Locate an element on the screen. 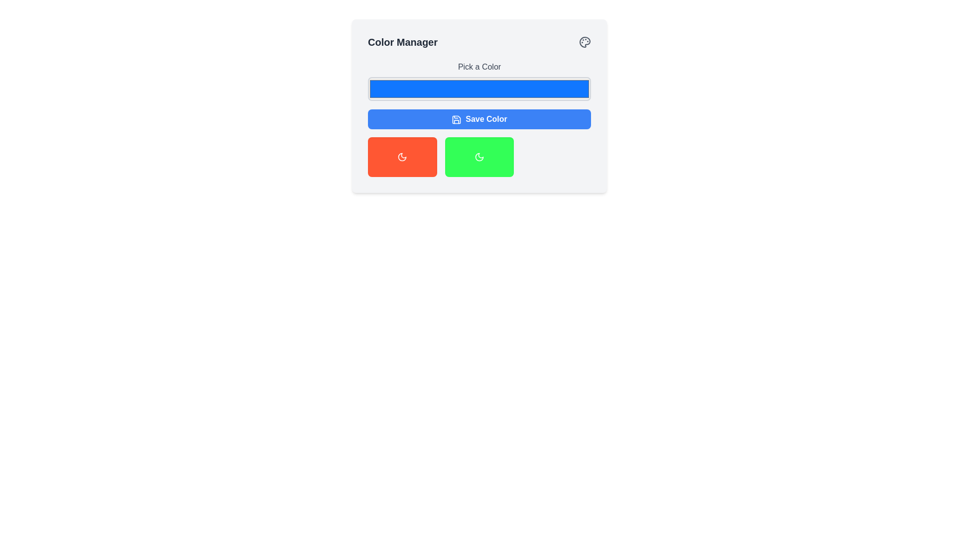 The image size is (956, 537). the save icon located to the left of the 'Save Color' text label within the 'Save Color' button is located at coordinates (456, 119).